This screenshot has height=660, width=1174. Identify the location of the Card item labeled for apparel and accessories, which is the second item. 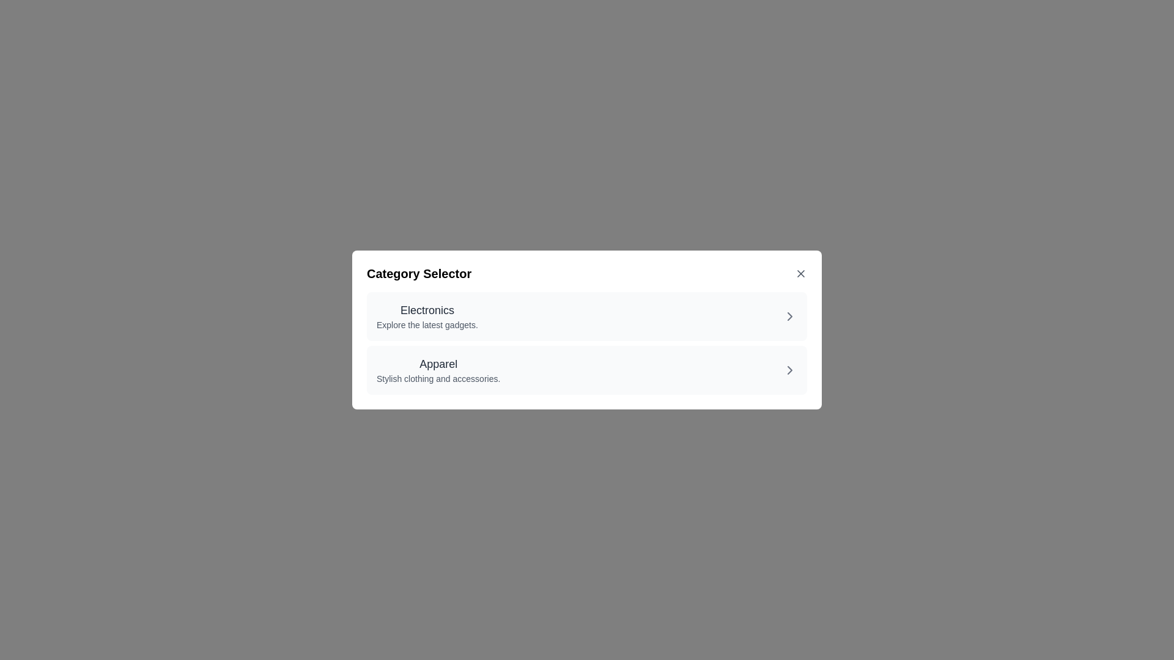
(587, 369).